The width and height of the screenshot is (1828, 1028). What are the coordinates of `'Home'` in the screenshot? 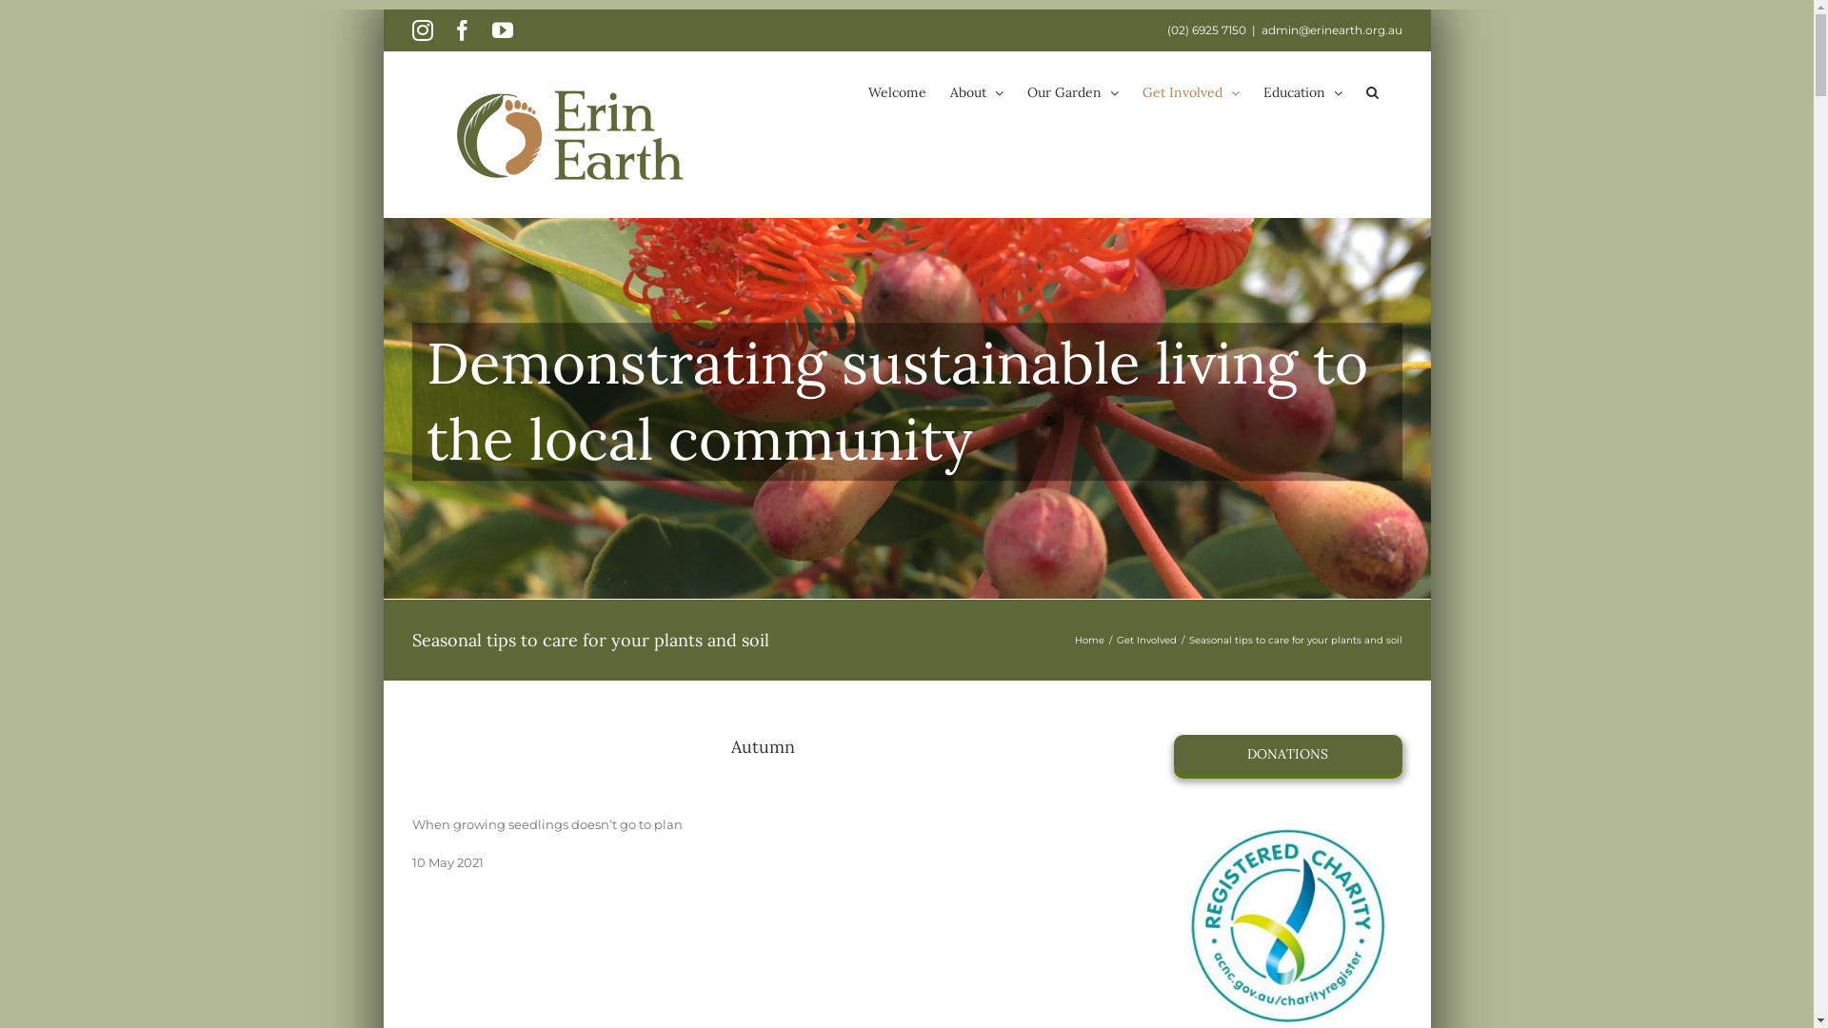 It's located at (1088, 640).